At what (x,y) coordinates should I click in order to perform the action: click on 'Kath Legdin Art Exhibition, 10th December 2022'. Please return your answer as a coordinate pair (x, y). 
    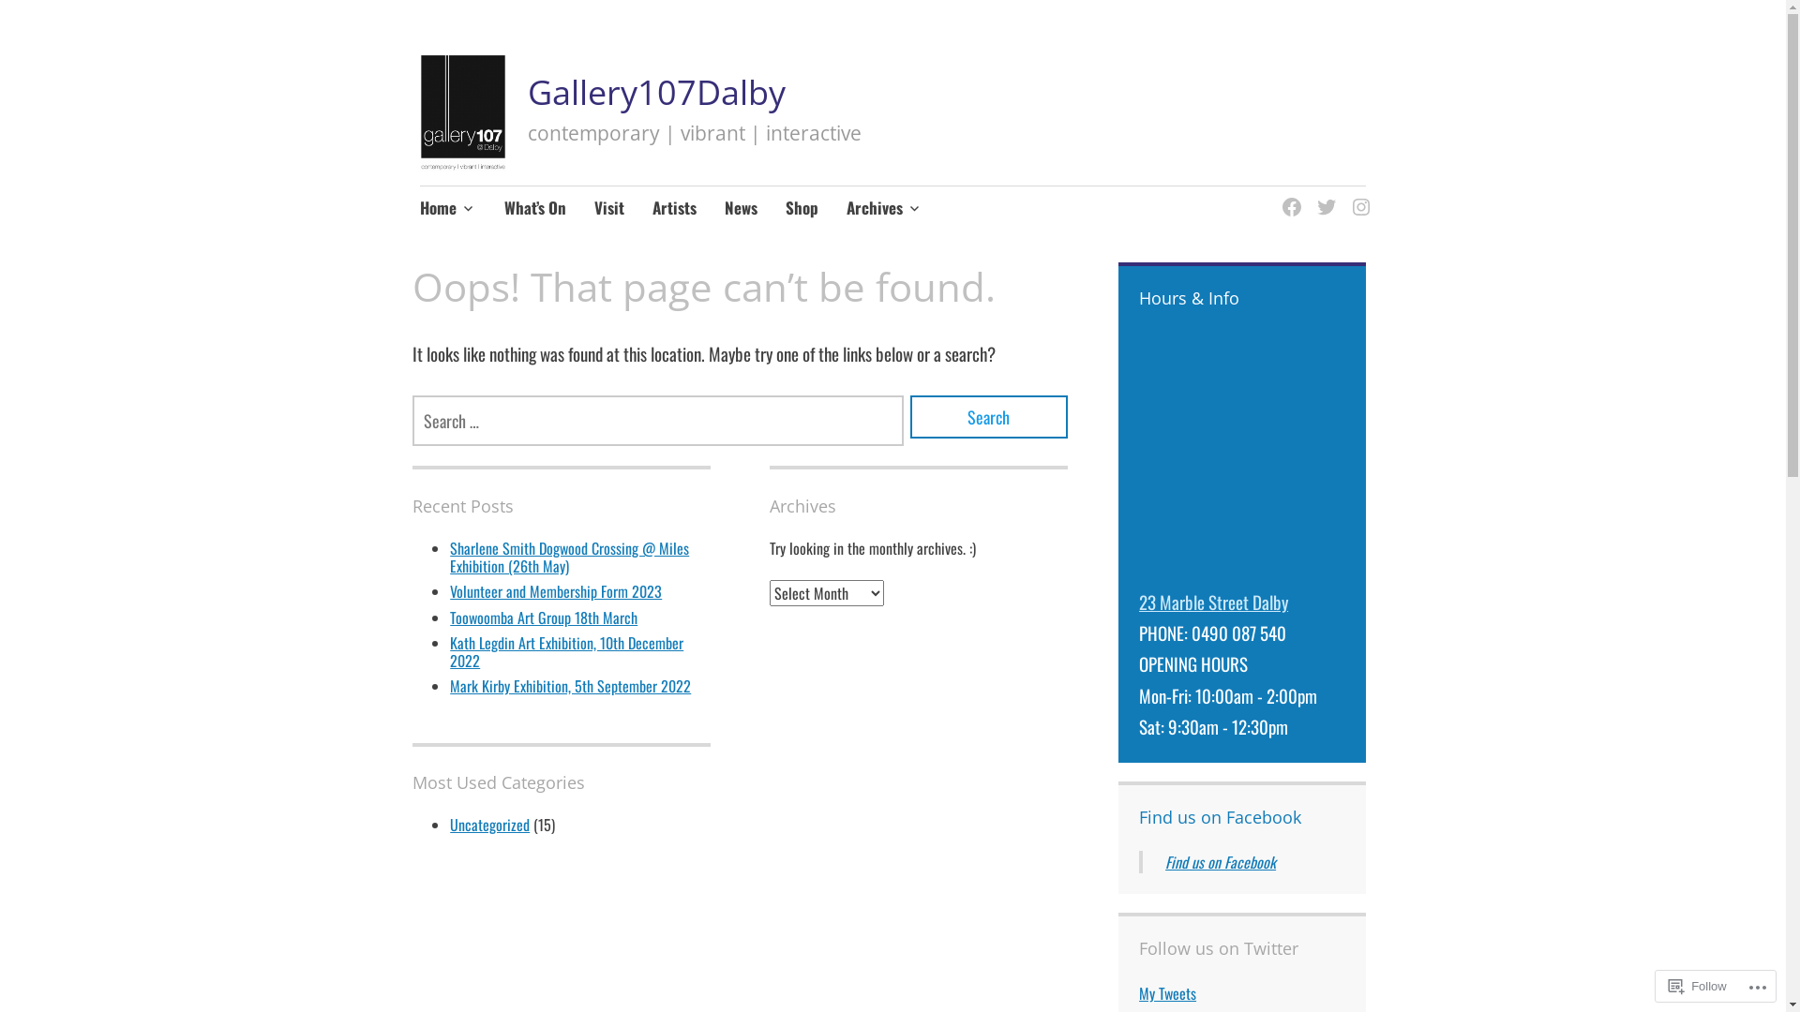
    Looking at the image, I should click on (565, 650).